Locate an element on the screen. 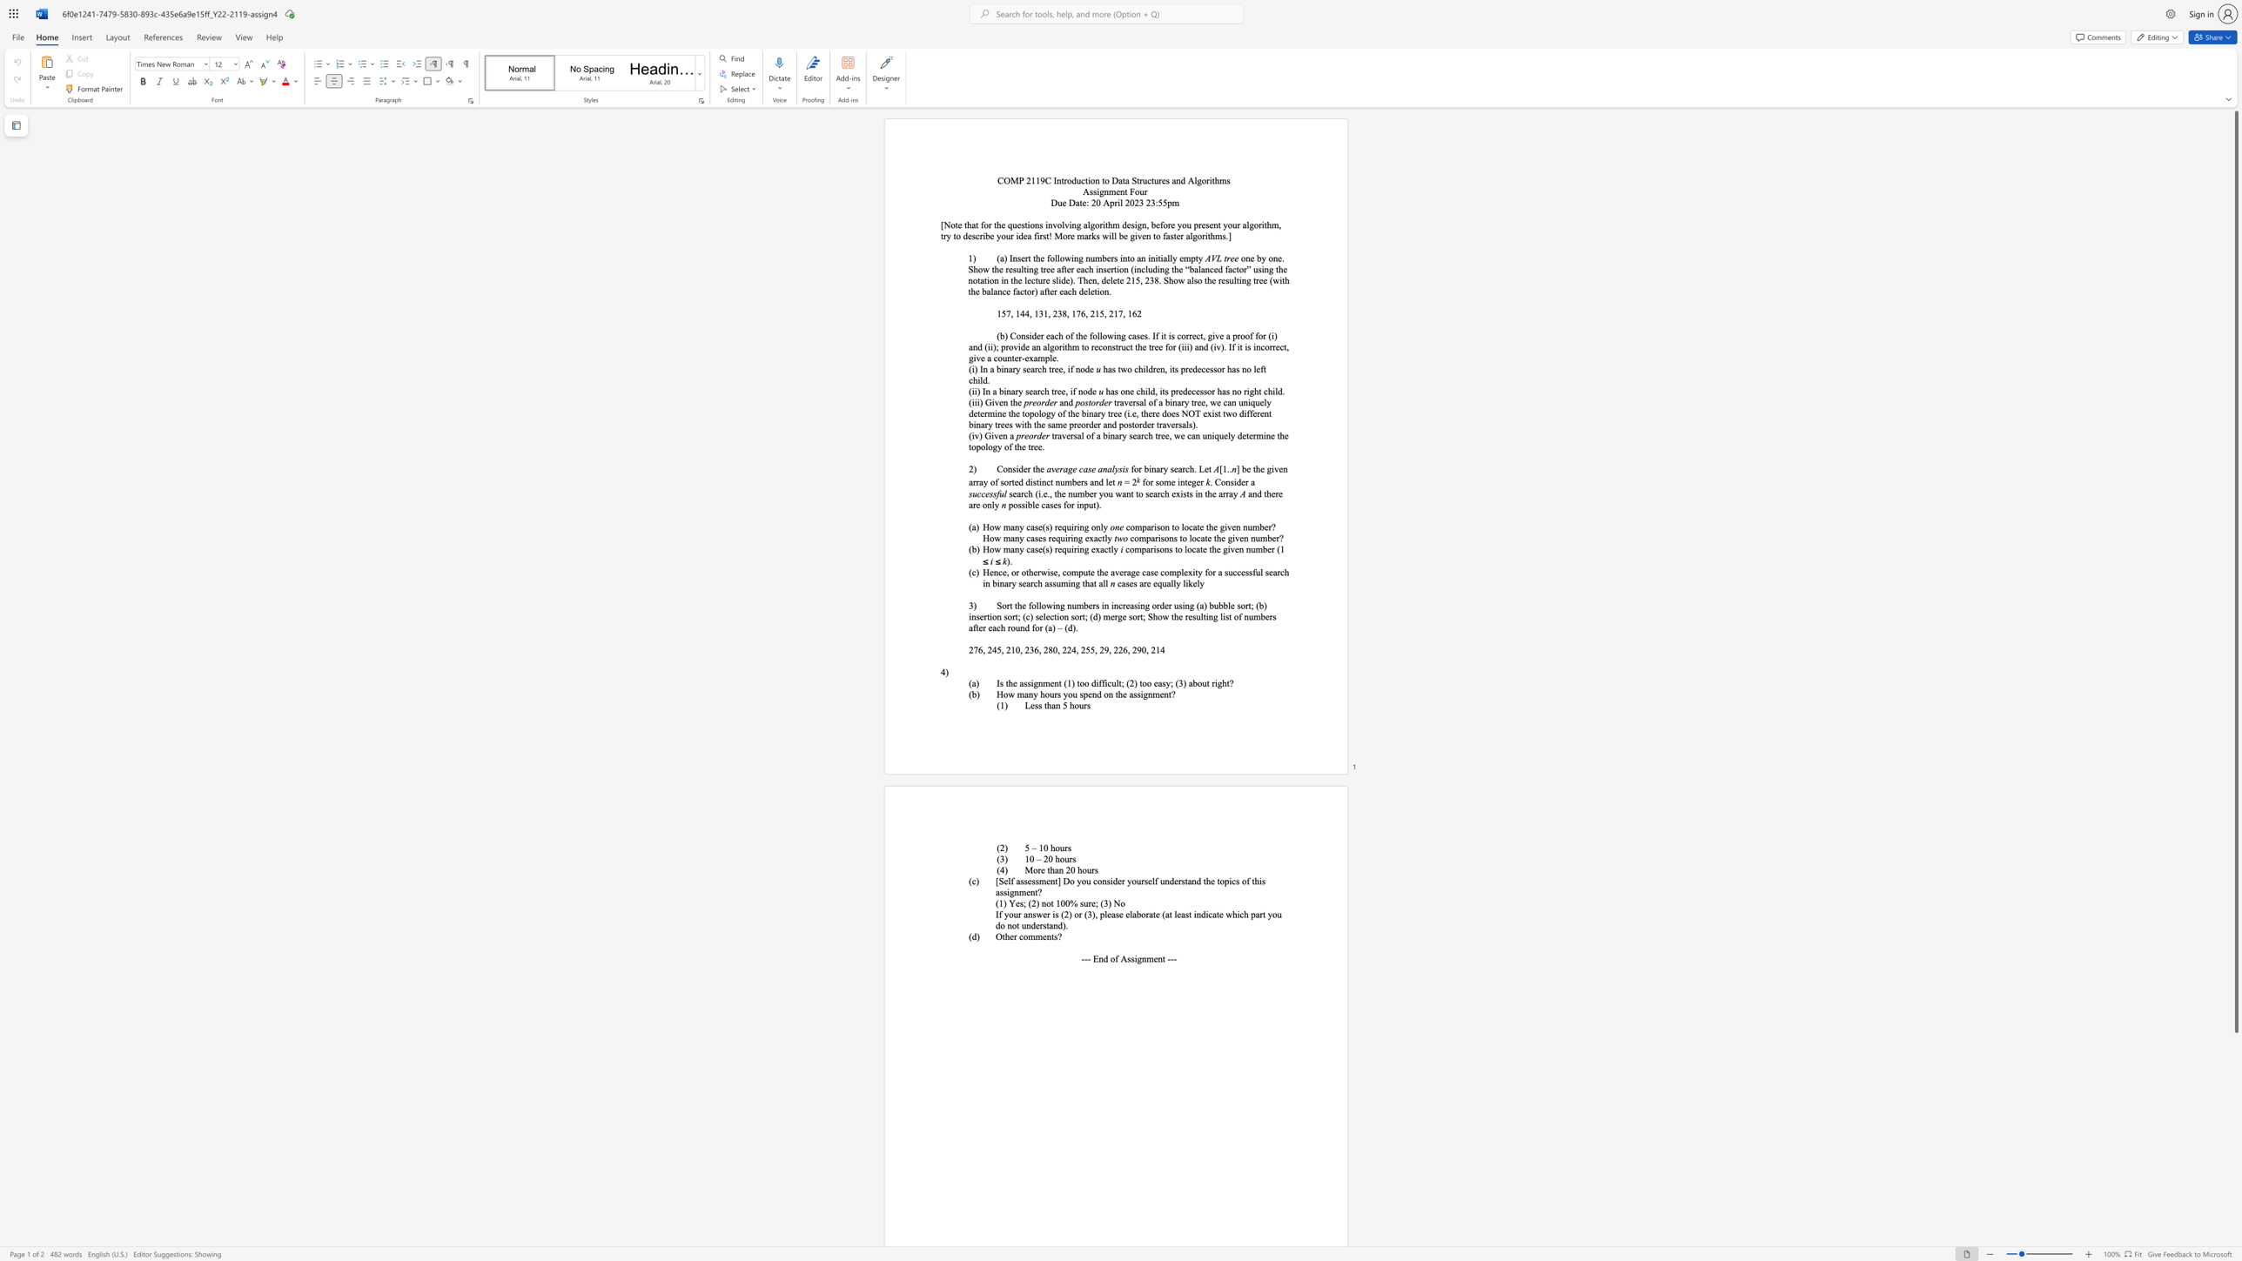 This screenshot has width=2242, height=1261. the subset text "rs in increasing order using (a) bubble sort; (b) insertion sort; (c) selection sort; (d) merge sort; Show th" within the text "Sort the following numbers in increasing order using (a) bubble sort; (b) insertion sort; (c) selection sort; (d) merge sort; Show the resulting list of numbers after each round for (a) – (d)." is located at coordinates (1091, 604).